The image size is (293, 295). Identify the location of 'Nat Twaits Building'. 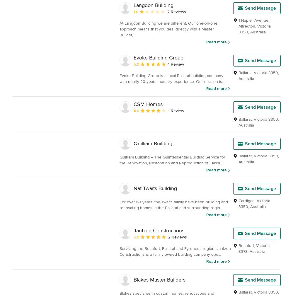
(155, 188).